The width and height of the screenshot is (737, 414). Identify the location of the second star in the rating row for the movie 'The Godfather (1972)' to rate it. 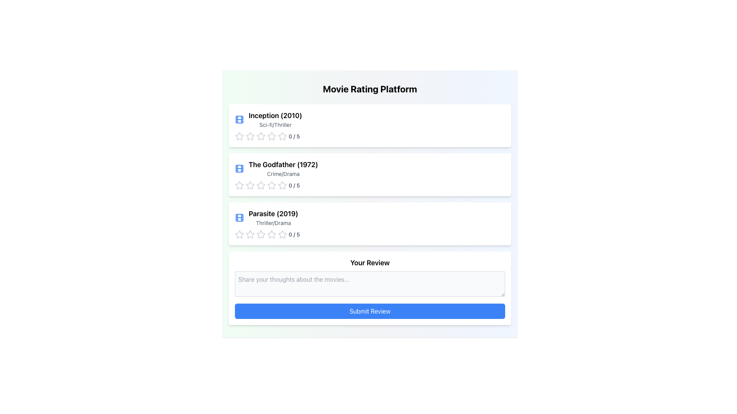
(272, 185).